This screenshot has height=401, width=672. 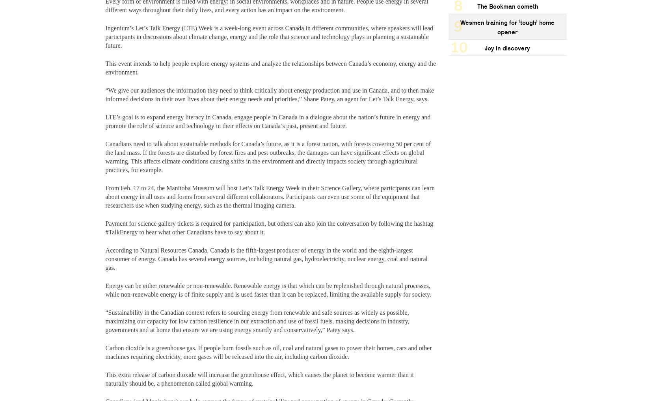 What do you see at coordinates (269, 36) in the screenshot?
I see `'Ingenium’s Let’s Talk Energy (LTE) Week is a week-long event across Canada in different communities, where speakers will lead participants in discussions about climate change, energy and the role that science and technology plays in planning a sustainable future.'` at bounding box center [269, 36].